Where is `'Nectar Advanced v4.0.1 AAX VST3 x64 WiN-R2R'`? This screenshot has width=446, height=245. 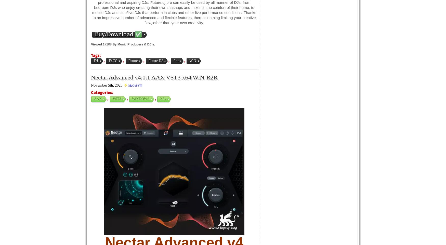
'Nectar Advanced v4.0.1 AAX VST3 x64 WiN-R2R' is located at coordinates (154, 77).